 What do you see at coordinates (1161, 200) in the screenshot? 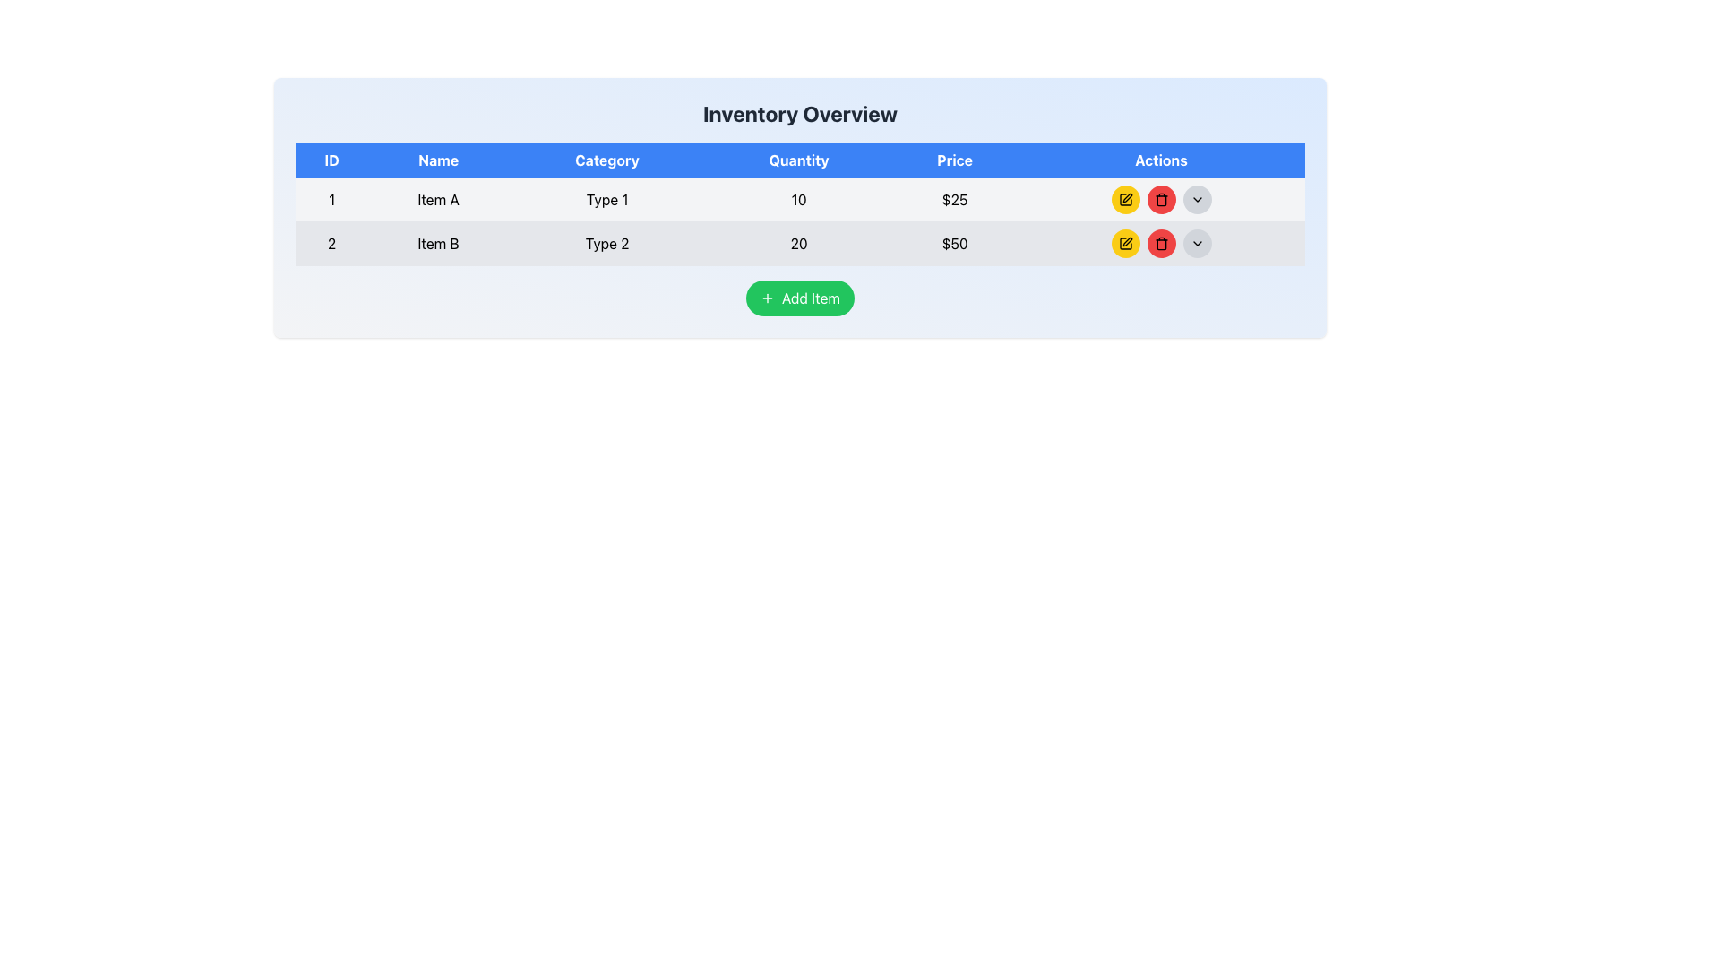
I see `the delete button located in the Actions column of the first table row, positioned between an edit icon button and a downward chevron icon` at bounding box center [1161, 200].